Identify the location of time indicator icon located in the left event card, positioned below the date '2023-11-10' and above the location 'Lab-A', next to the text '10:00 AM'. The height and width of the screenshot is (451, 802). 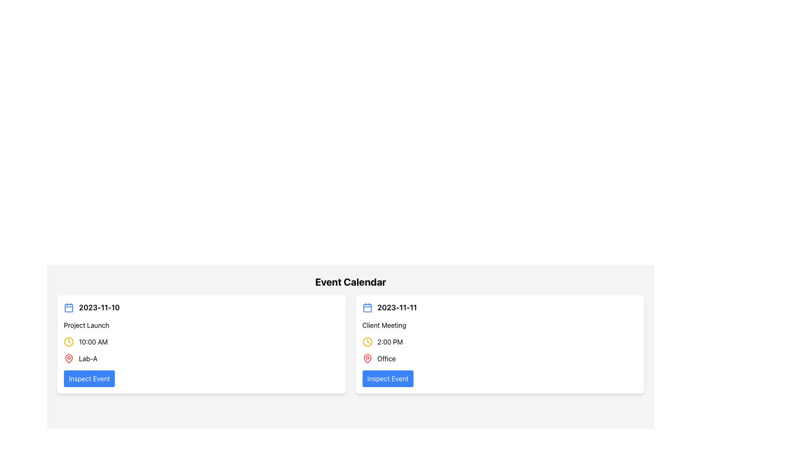
(69, 342).